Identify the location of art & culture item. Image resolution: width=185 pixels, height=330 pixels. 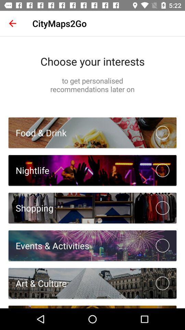
(37, 283).